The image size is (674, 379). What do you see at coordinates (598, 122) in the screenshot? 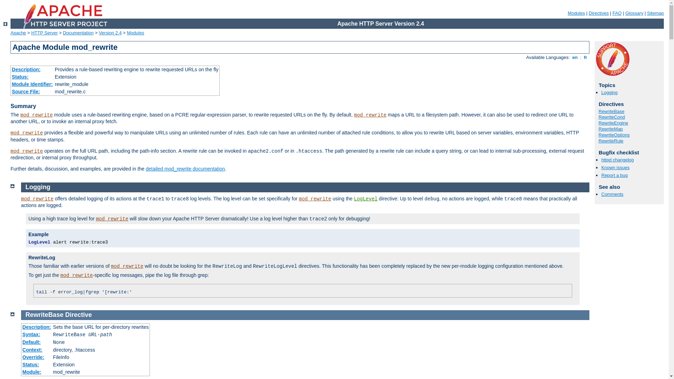
I see `'RewriteEngine'` at bounding box center [598, 122].